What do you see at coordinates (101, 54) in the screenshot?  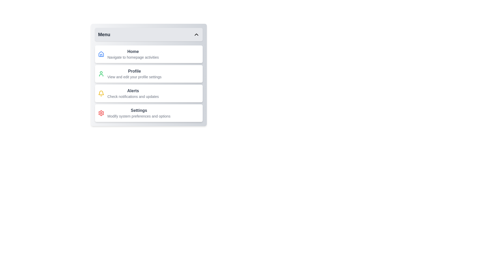 I see `the Home icon in the menu` at bounding box center [101, 54].